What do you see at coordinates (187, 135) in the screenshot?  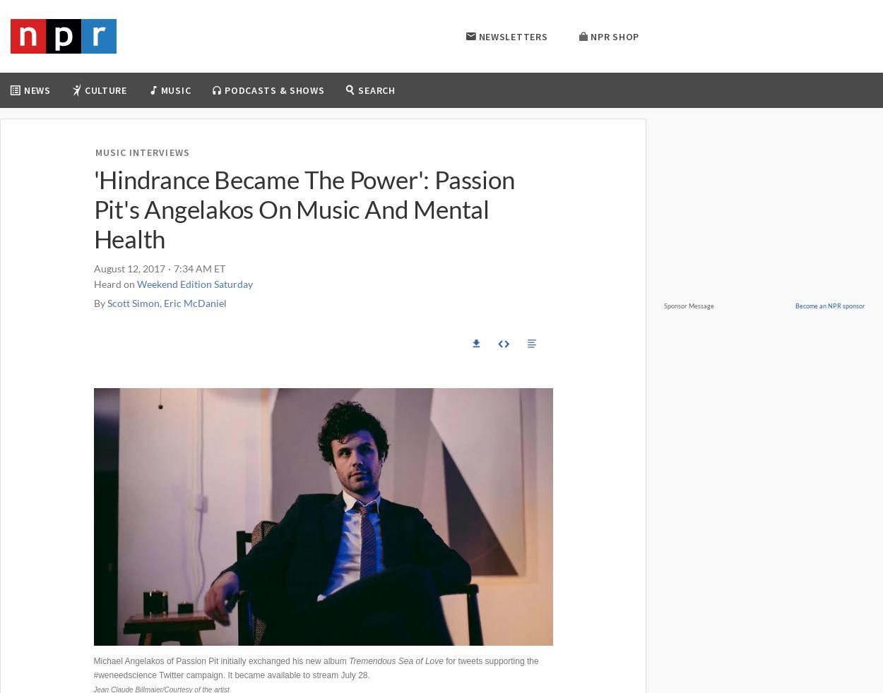 I see `'Movies'` at bounding box center [187, 135].